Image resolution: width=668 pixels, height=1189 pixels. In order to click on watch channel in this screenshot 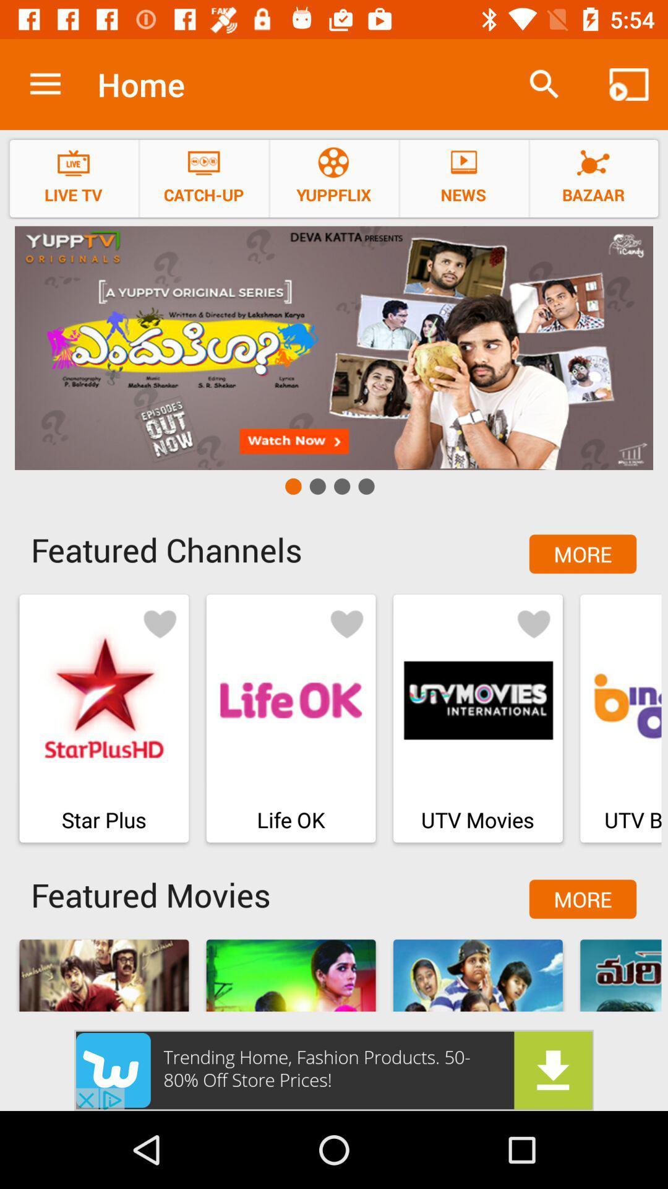, I will do `click(334, 347)`.